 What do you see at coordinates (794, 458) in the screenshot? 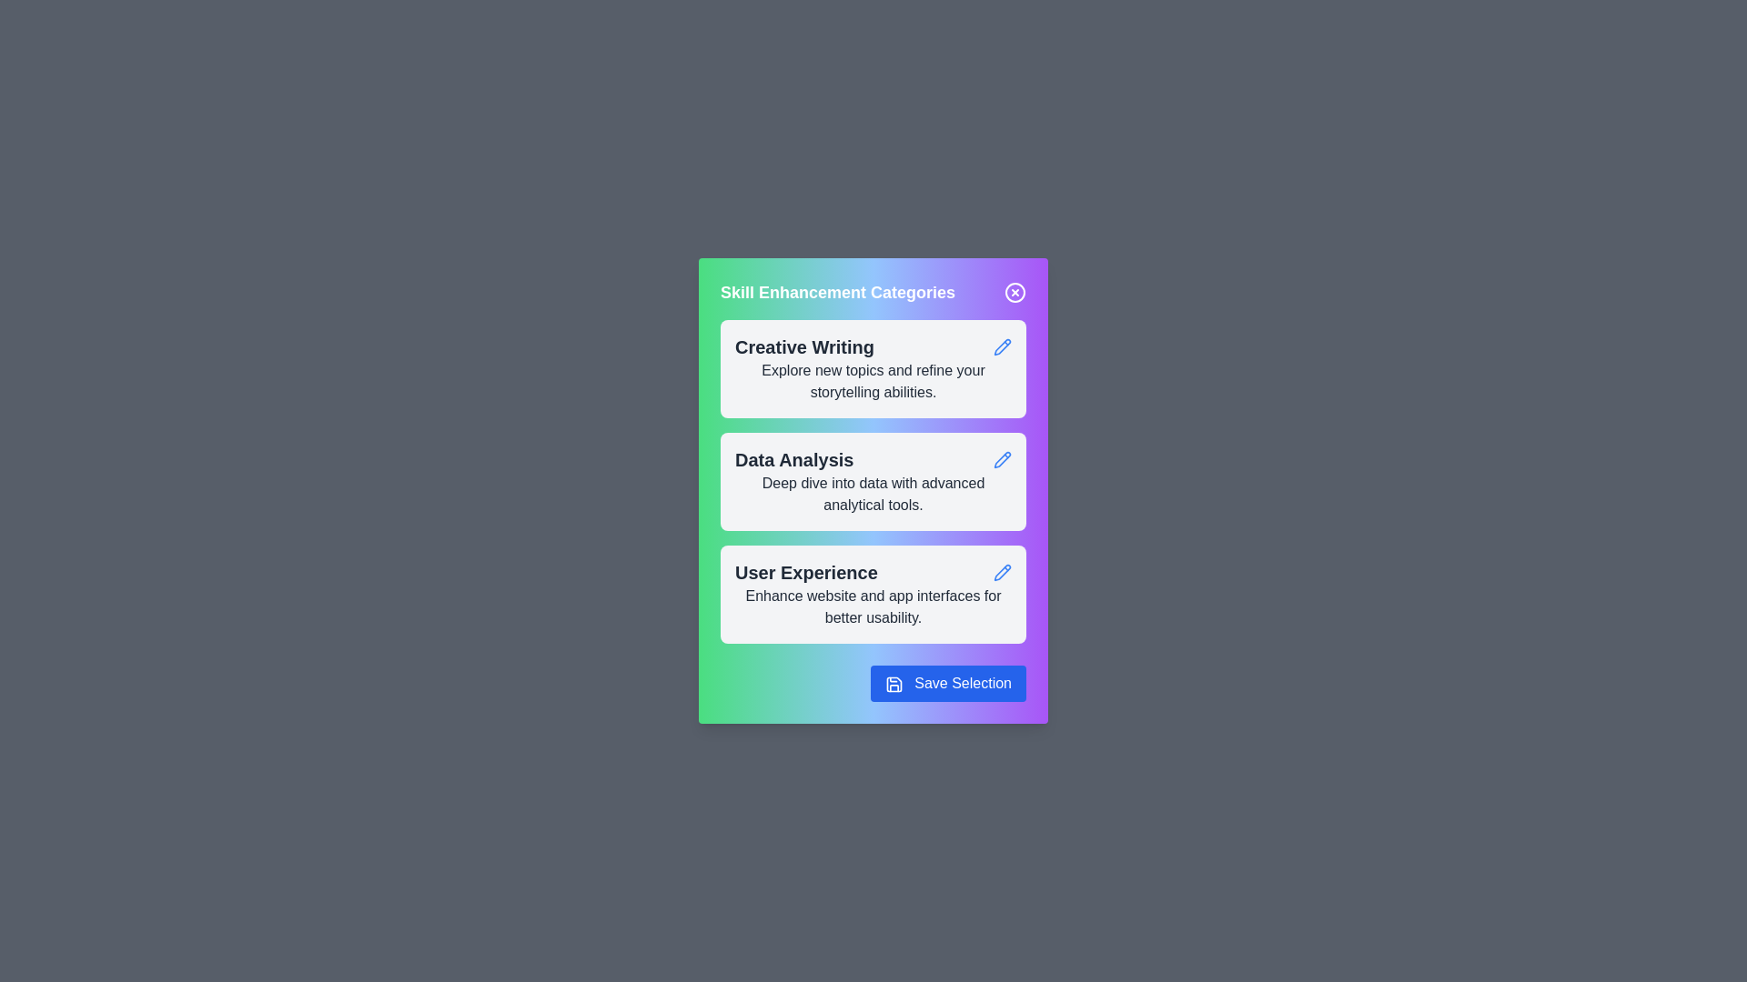
I see `the text of the category card labeled 'Data Analysis' to select it` at bounding box center [794, 458].